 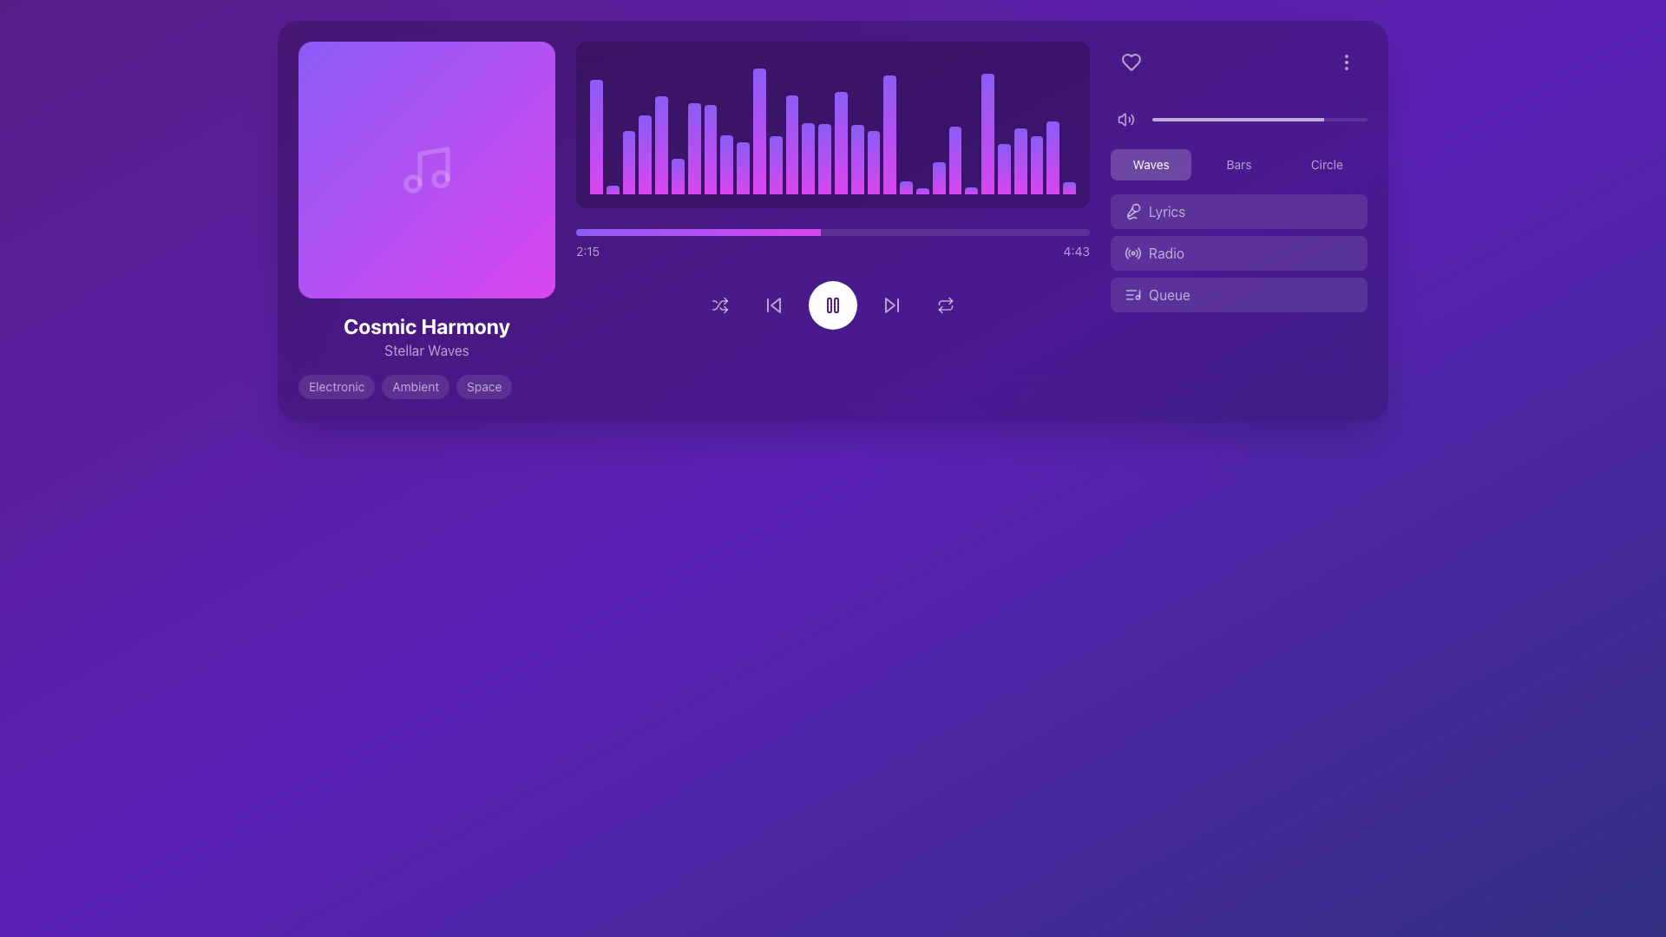 I want to click on the 28th bar in the bar chart, which is a vertical gradient bar transitioning from fuchsia at the base to violet at the tip, located within the interactive audio player interface, so click(x=1052, y=157).